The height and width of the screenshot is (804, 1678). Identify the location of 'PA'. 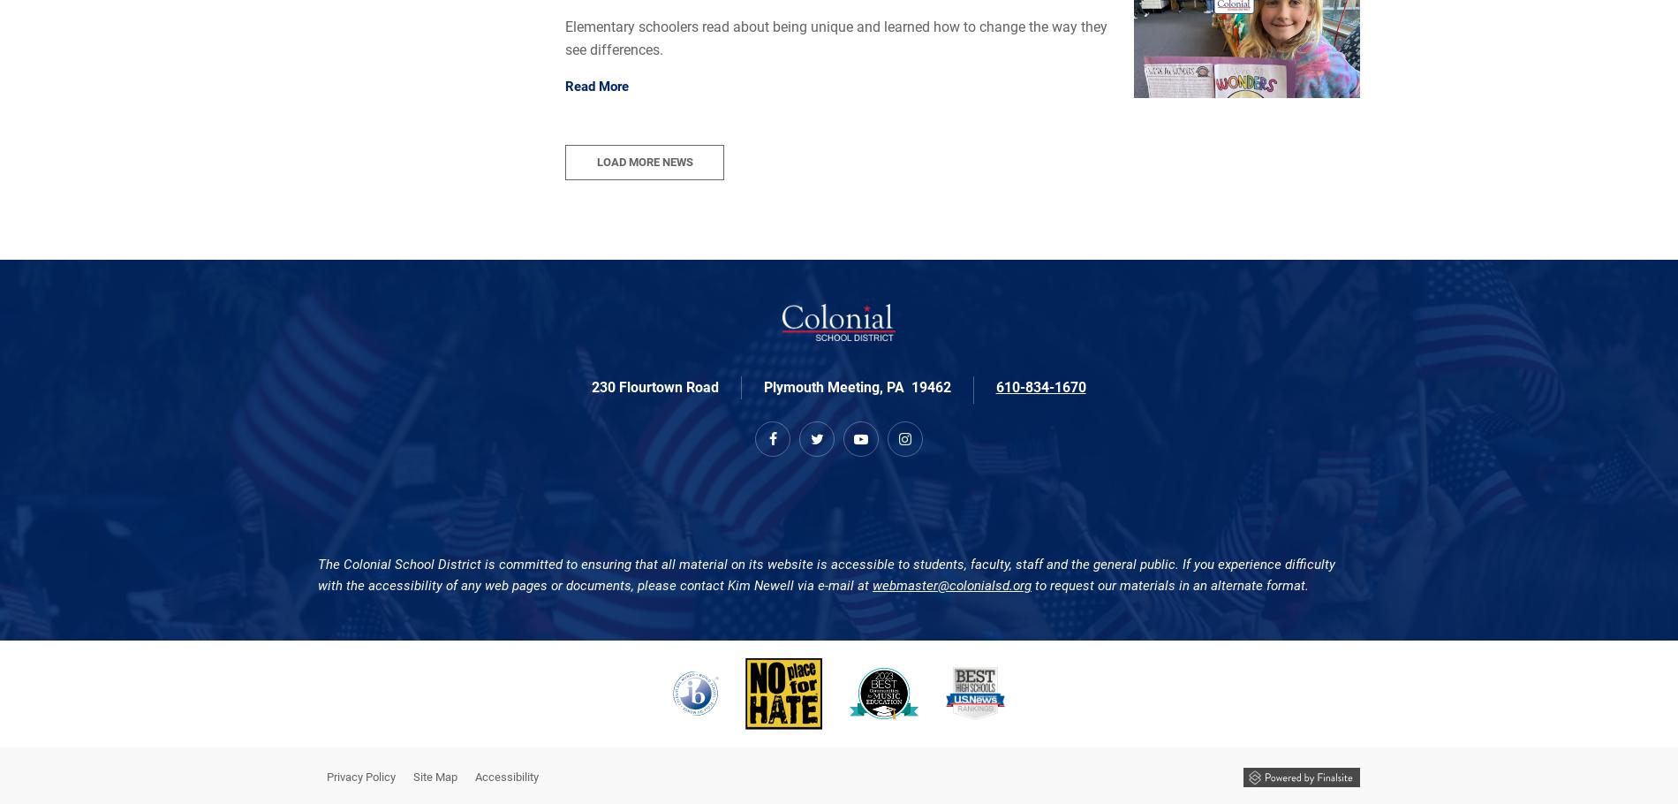
(886, 386).